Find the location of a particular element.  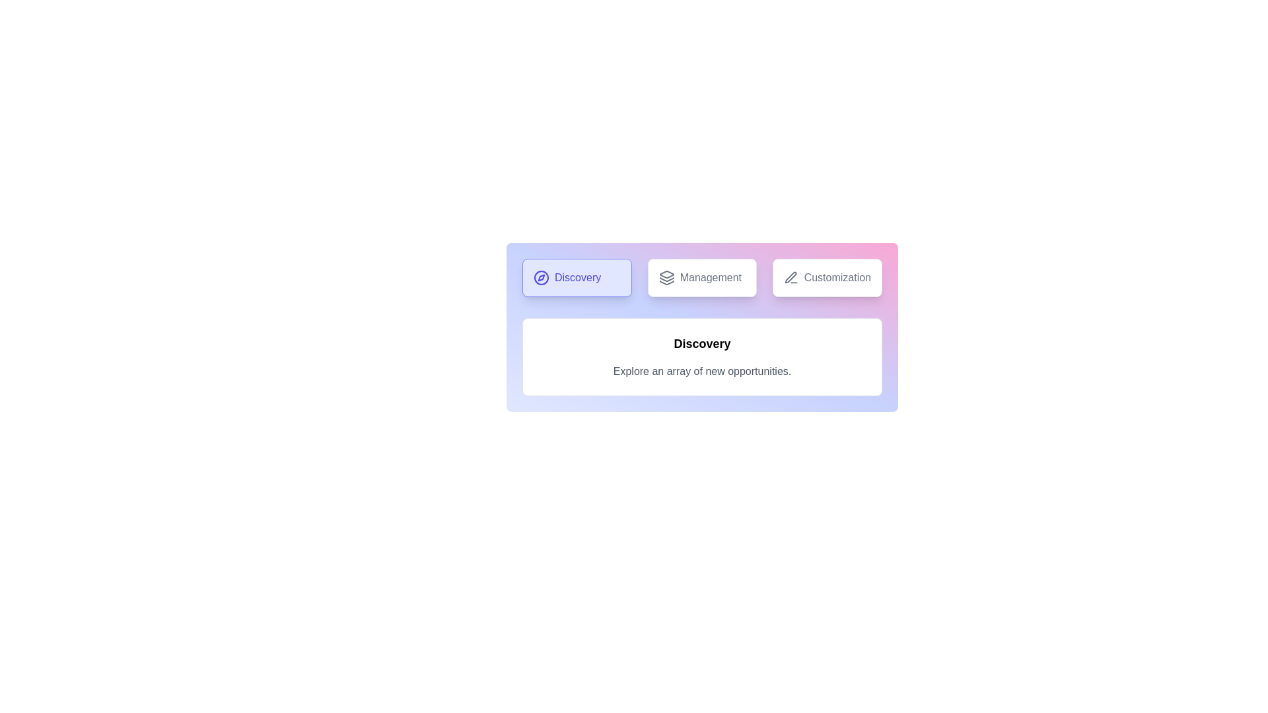

the tab labeled Customization is located at coordinates (827, 277).